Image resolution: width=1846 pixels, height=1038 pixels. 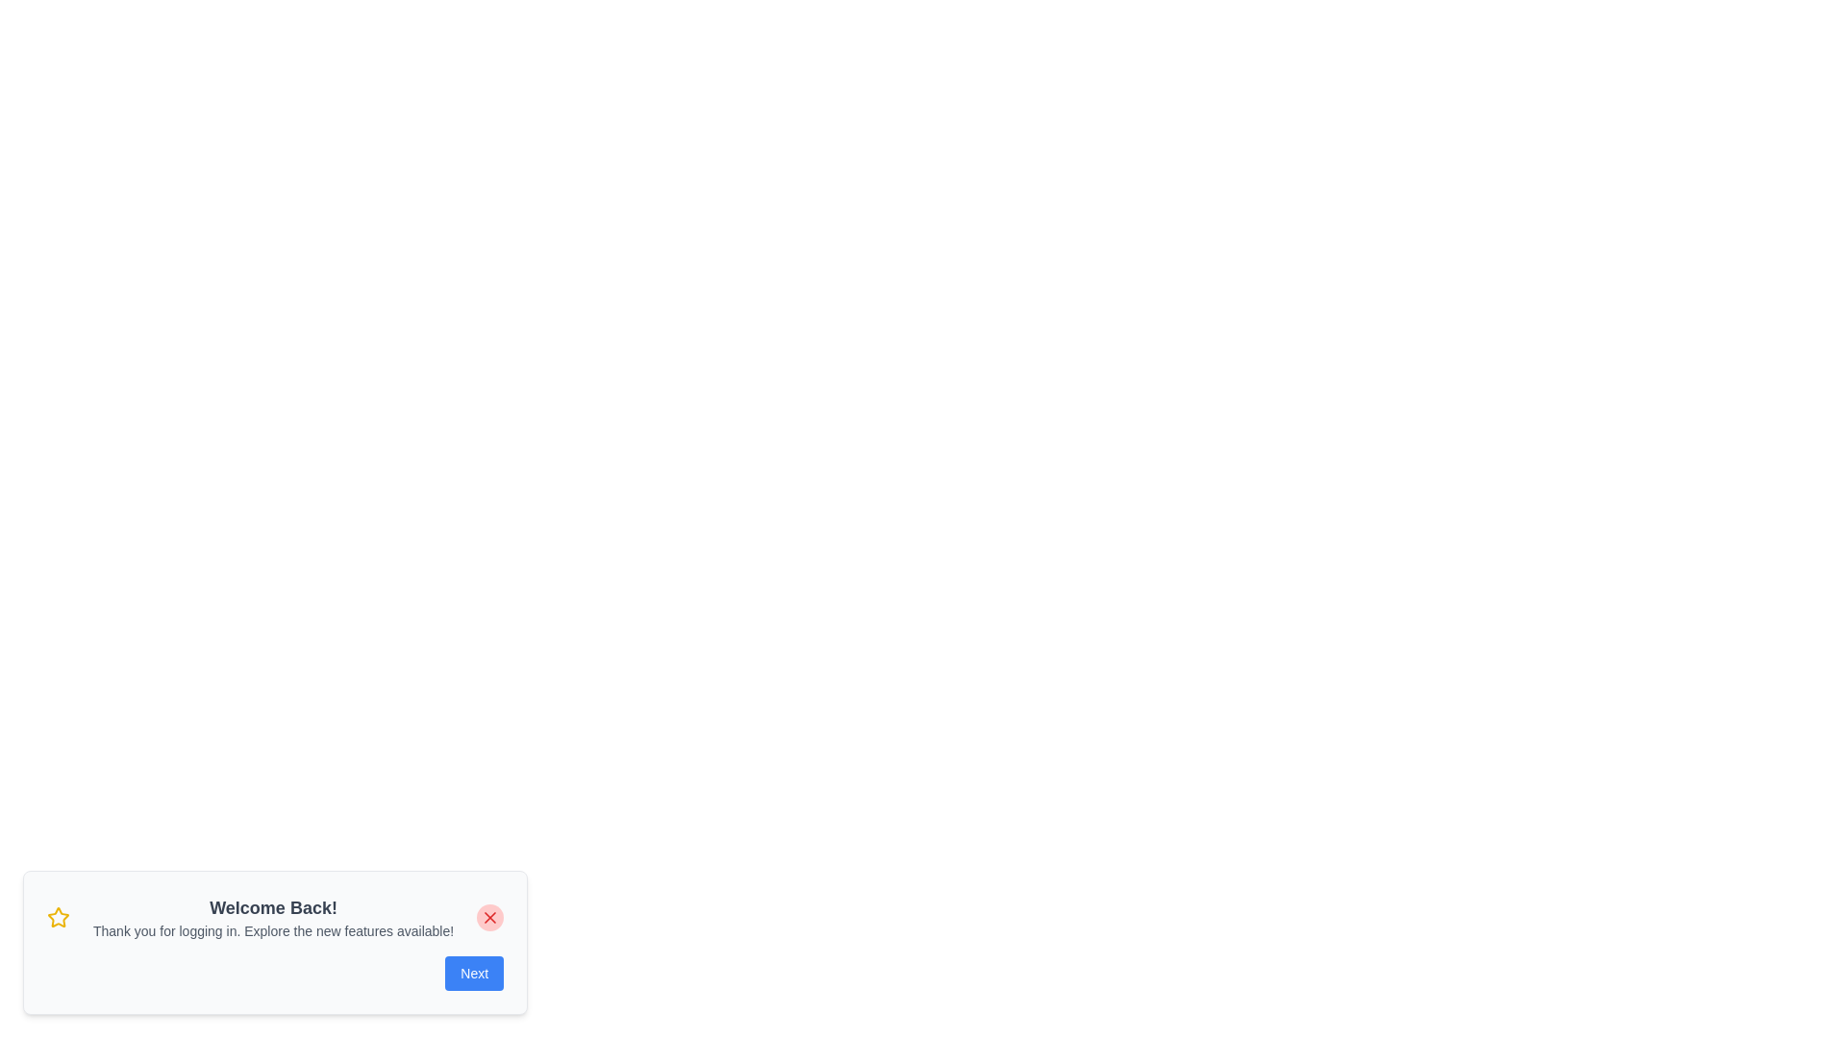 What do you see at coordinates (490, 917) in the screenshot?
I see `the close button to toggle the visibility of the snackbar` at bounding box center [490, 917].